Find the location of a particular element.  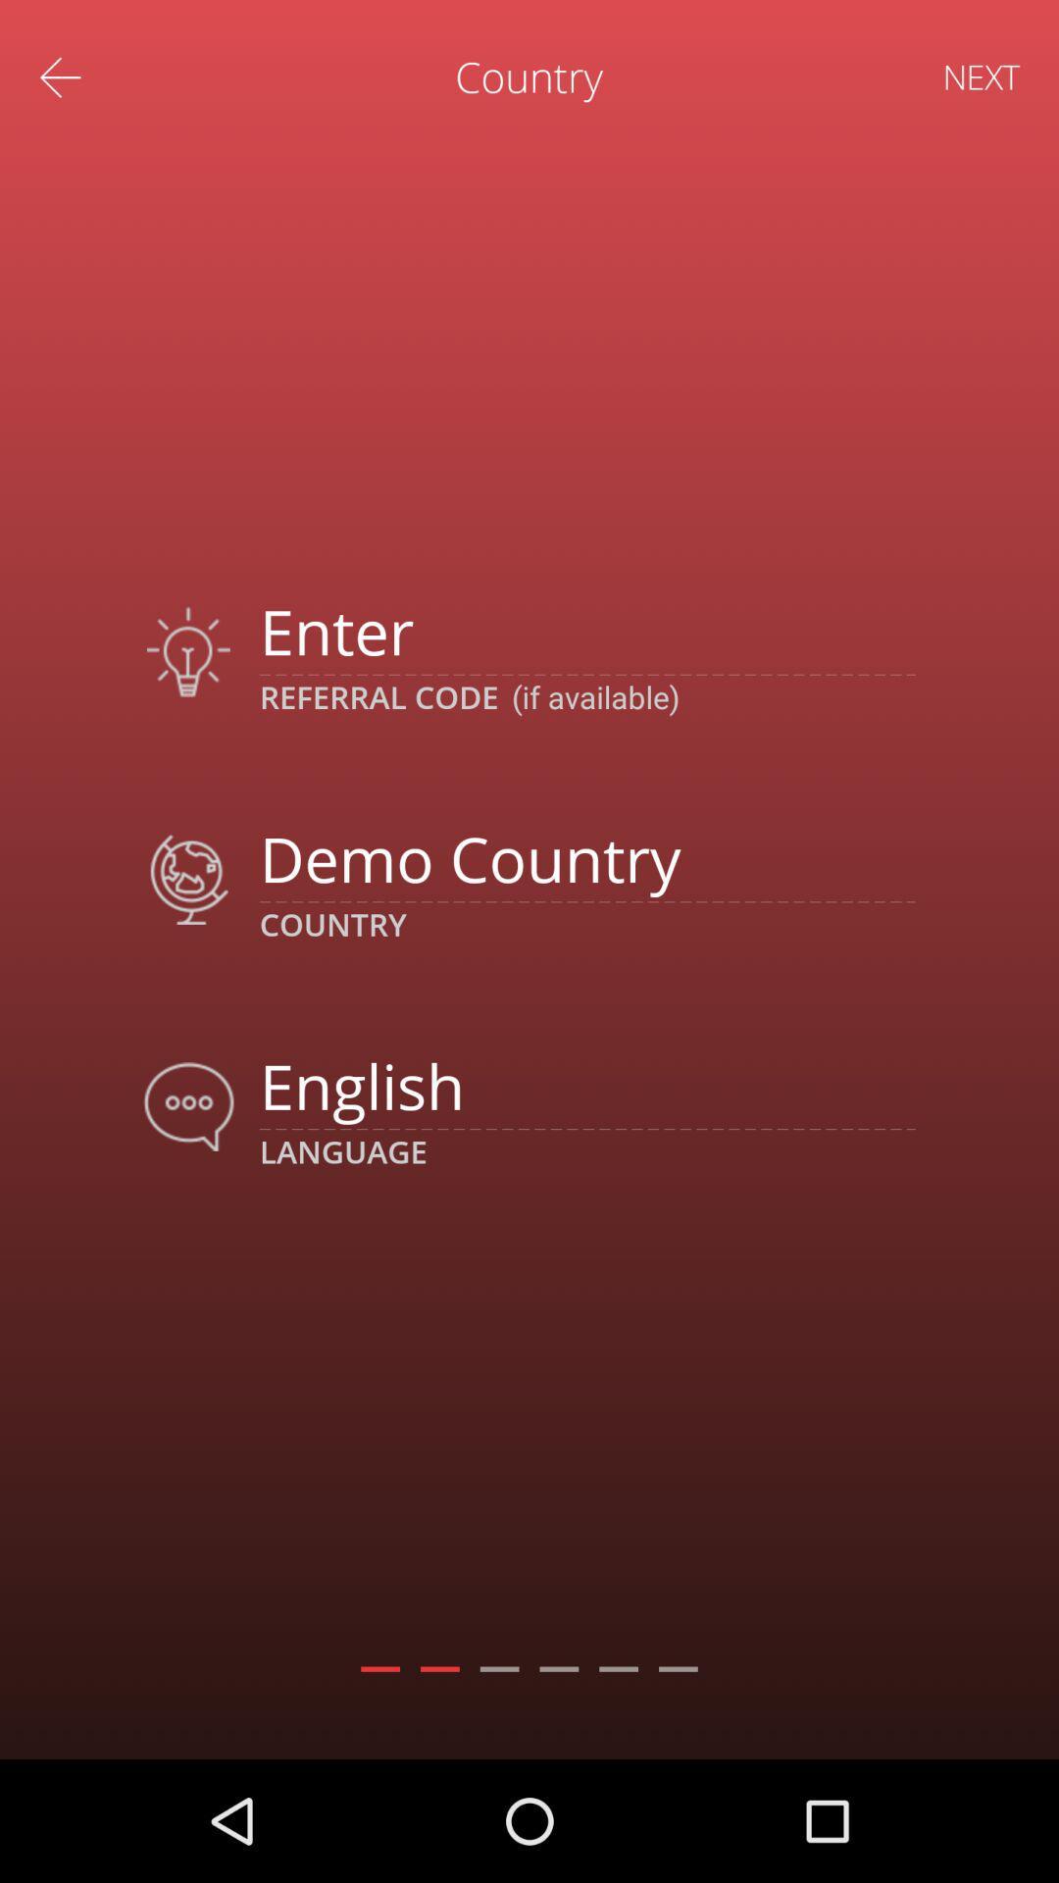

move to icon which is left to text english is located at coordinates (188, 1106).